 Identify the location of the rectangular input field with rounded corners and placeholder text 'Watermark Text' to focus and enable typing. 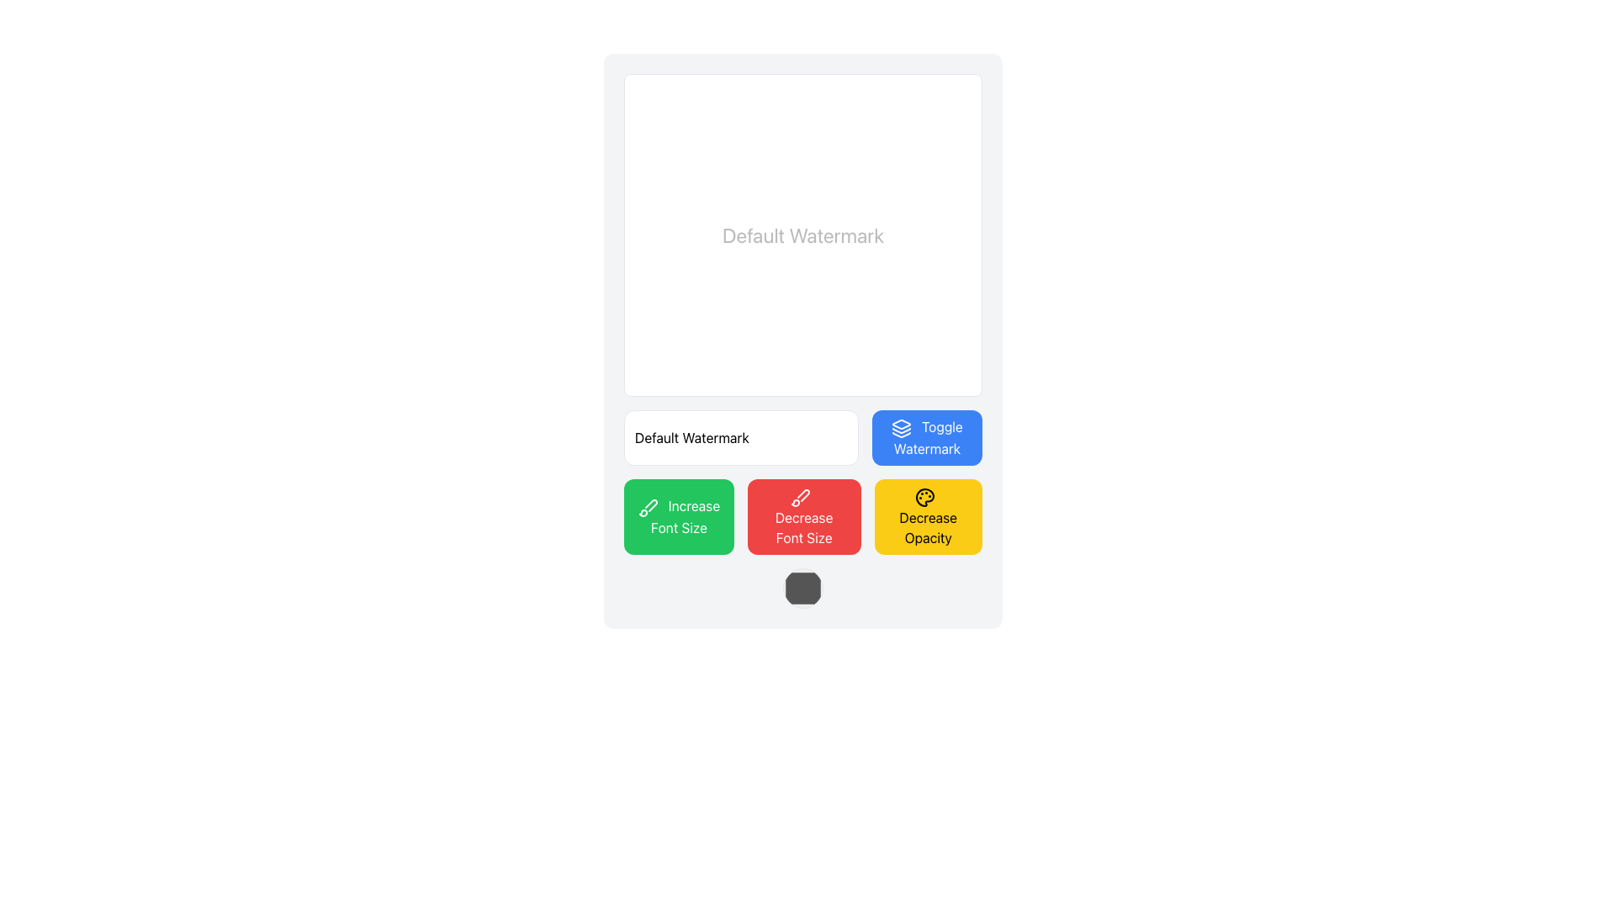
(740, 436).